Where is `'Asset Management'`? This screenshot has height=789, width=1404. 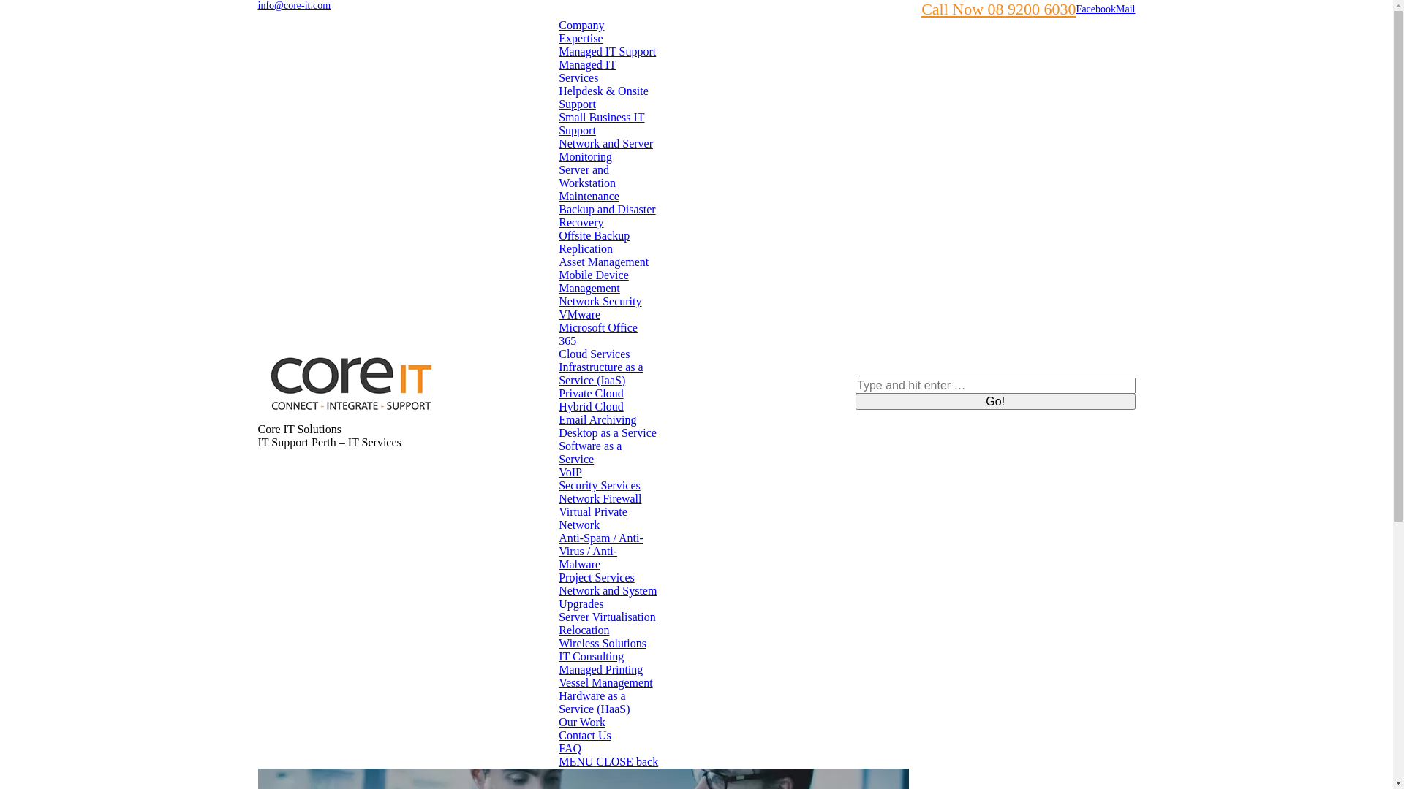 'Asset Management' is located at coordinates (603, 261).